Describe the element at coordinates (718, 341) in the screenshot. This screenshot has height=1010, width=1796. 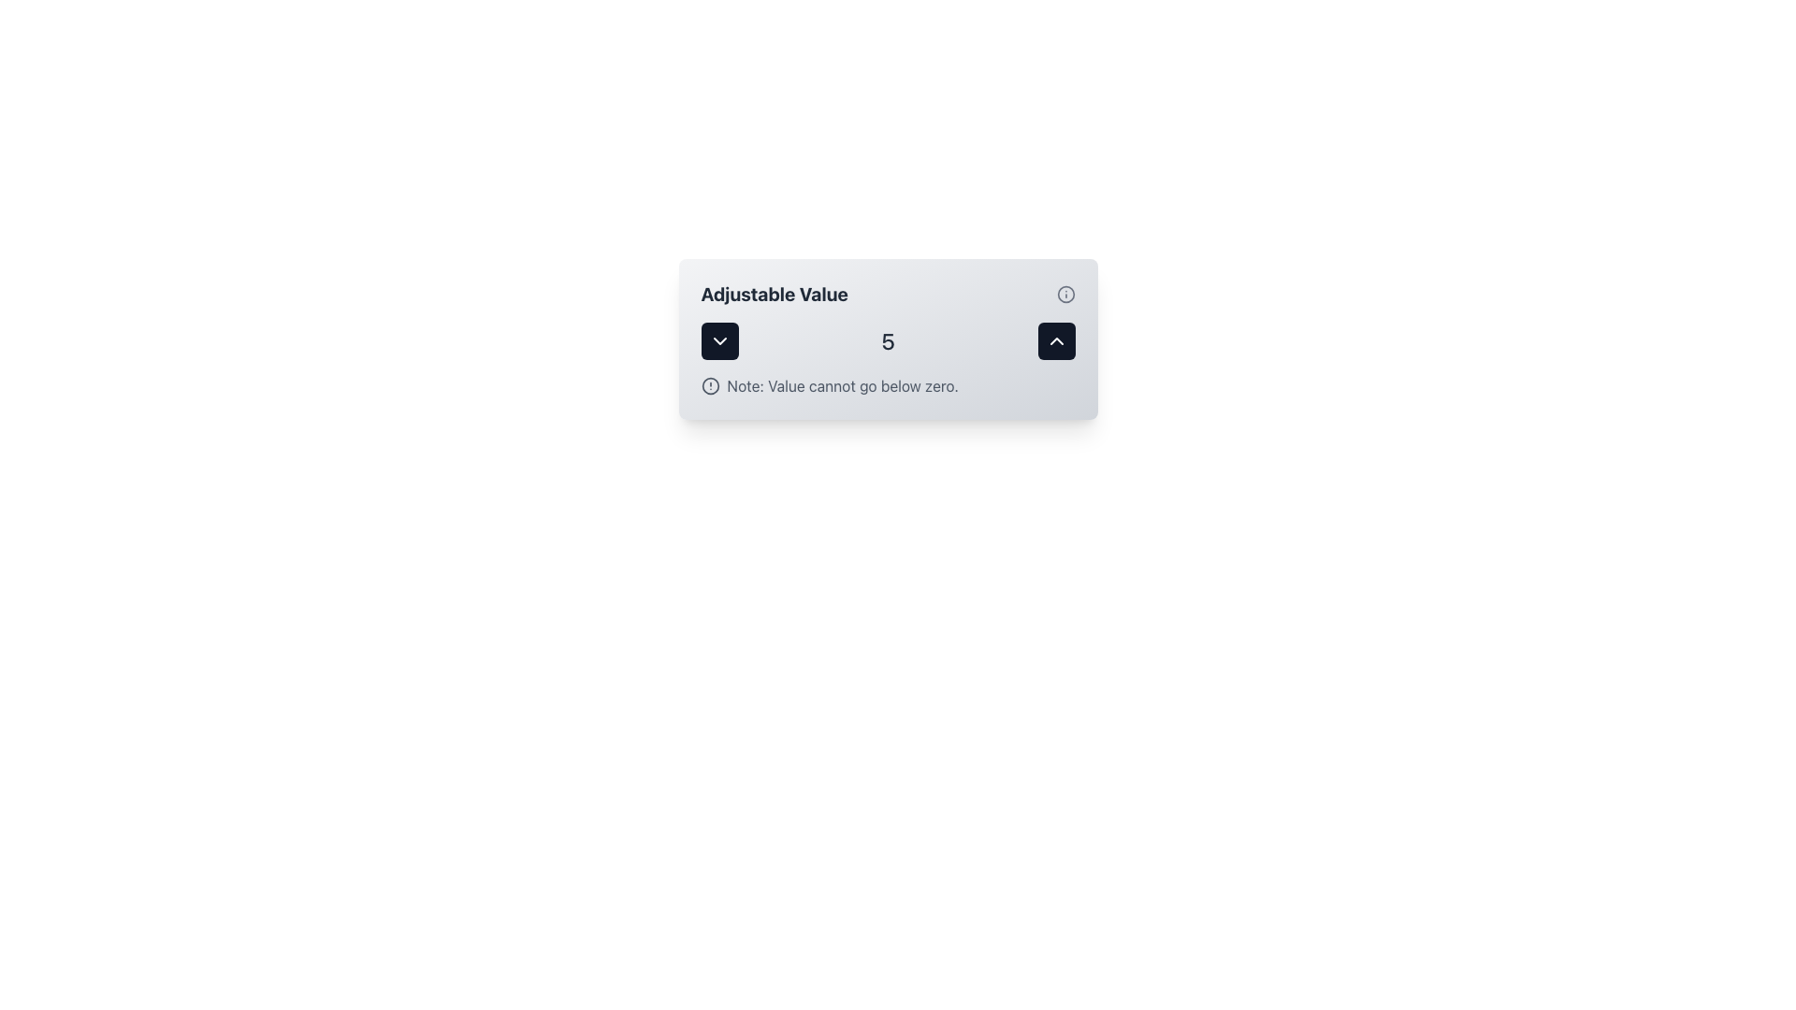
I see `the dark rectangular button with rounded corners, styled in grayish-black, containing a centered downward arrow icon, to decrease the value` at that location.